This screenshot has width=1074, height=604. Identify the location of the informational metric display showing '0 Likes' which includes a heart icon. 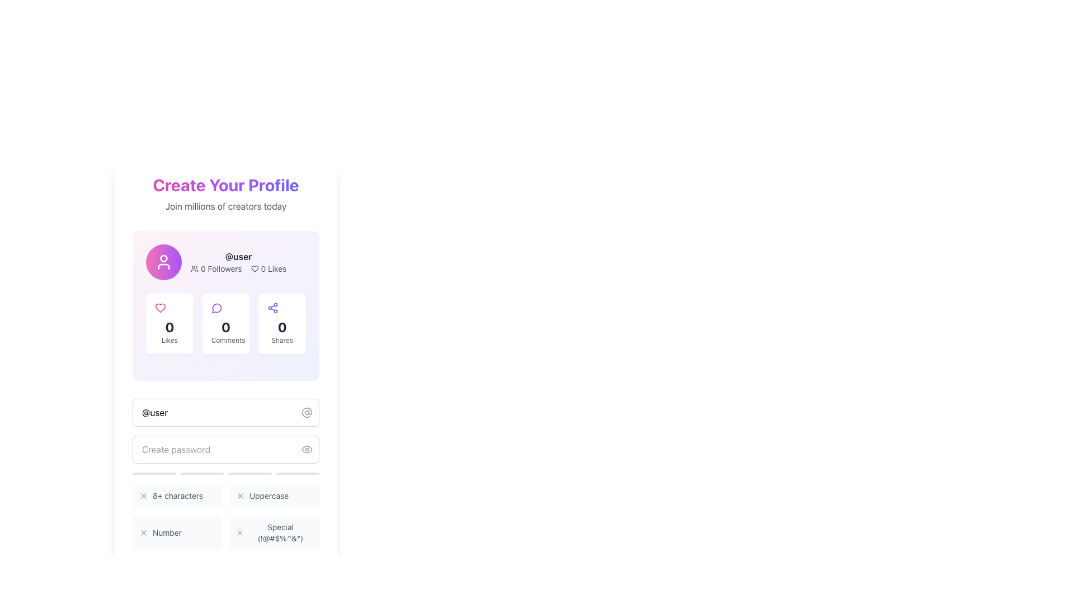
(268, 269).